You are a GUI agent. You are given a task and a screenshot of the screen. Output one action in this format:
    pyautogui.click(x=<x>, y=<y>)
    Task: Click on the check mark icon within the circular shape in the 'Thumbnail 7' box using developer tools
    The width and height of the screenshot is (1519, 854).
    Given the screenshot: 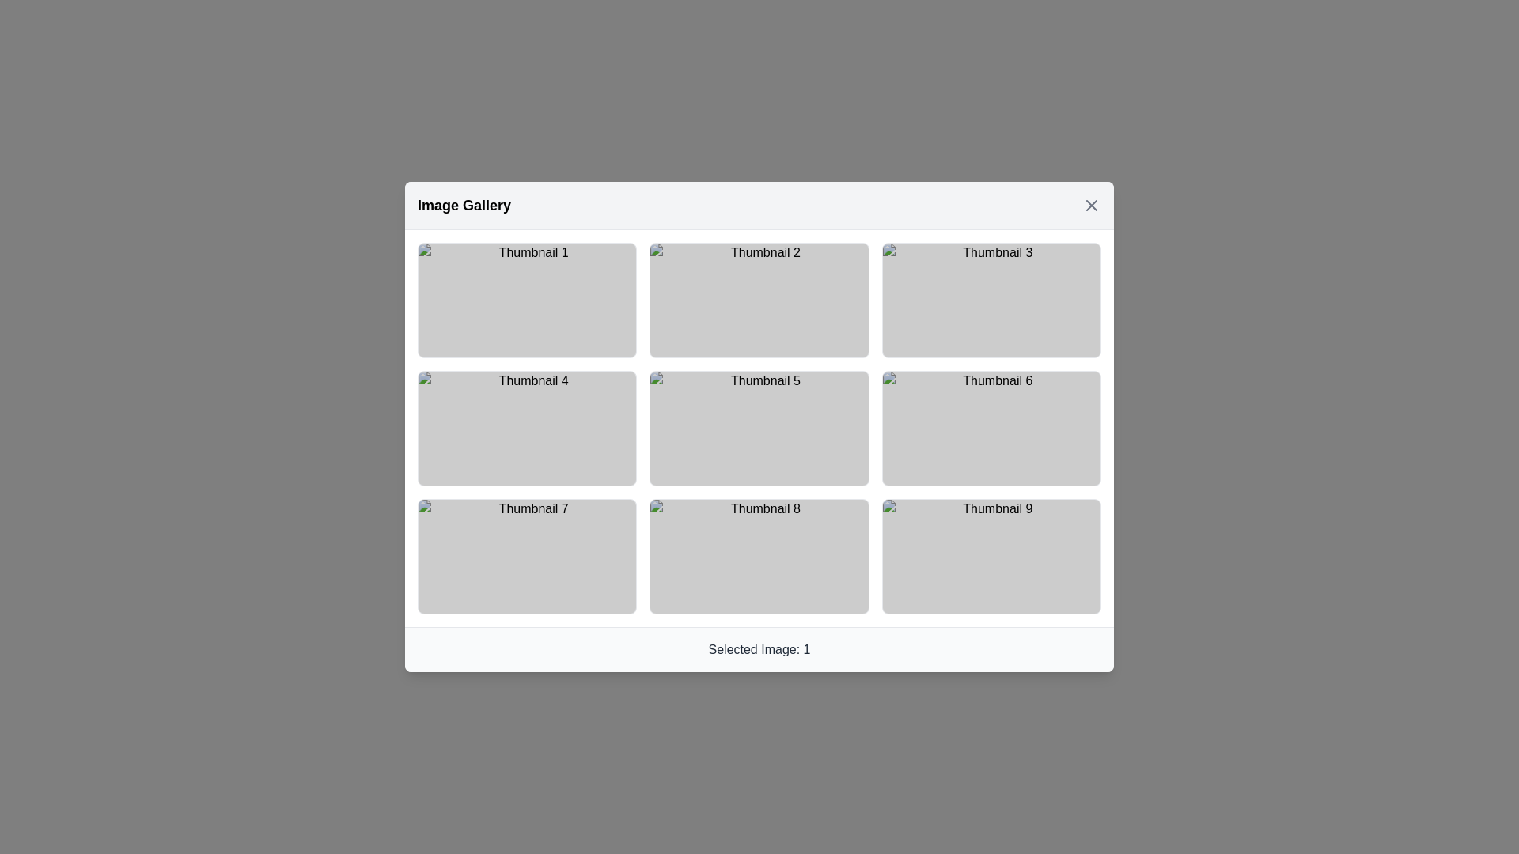 What is the action you would take?
    pyautogui.click(x=531, y=552)
    